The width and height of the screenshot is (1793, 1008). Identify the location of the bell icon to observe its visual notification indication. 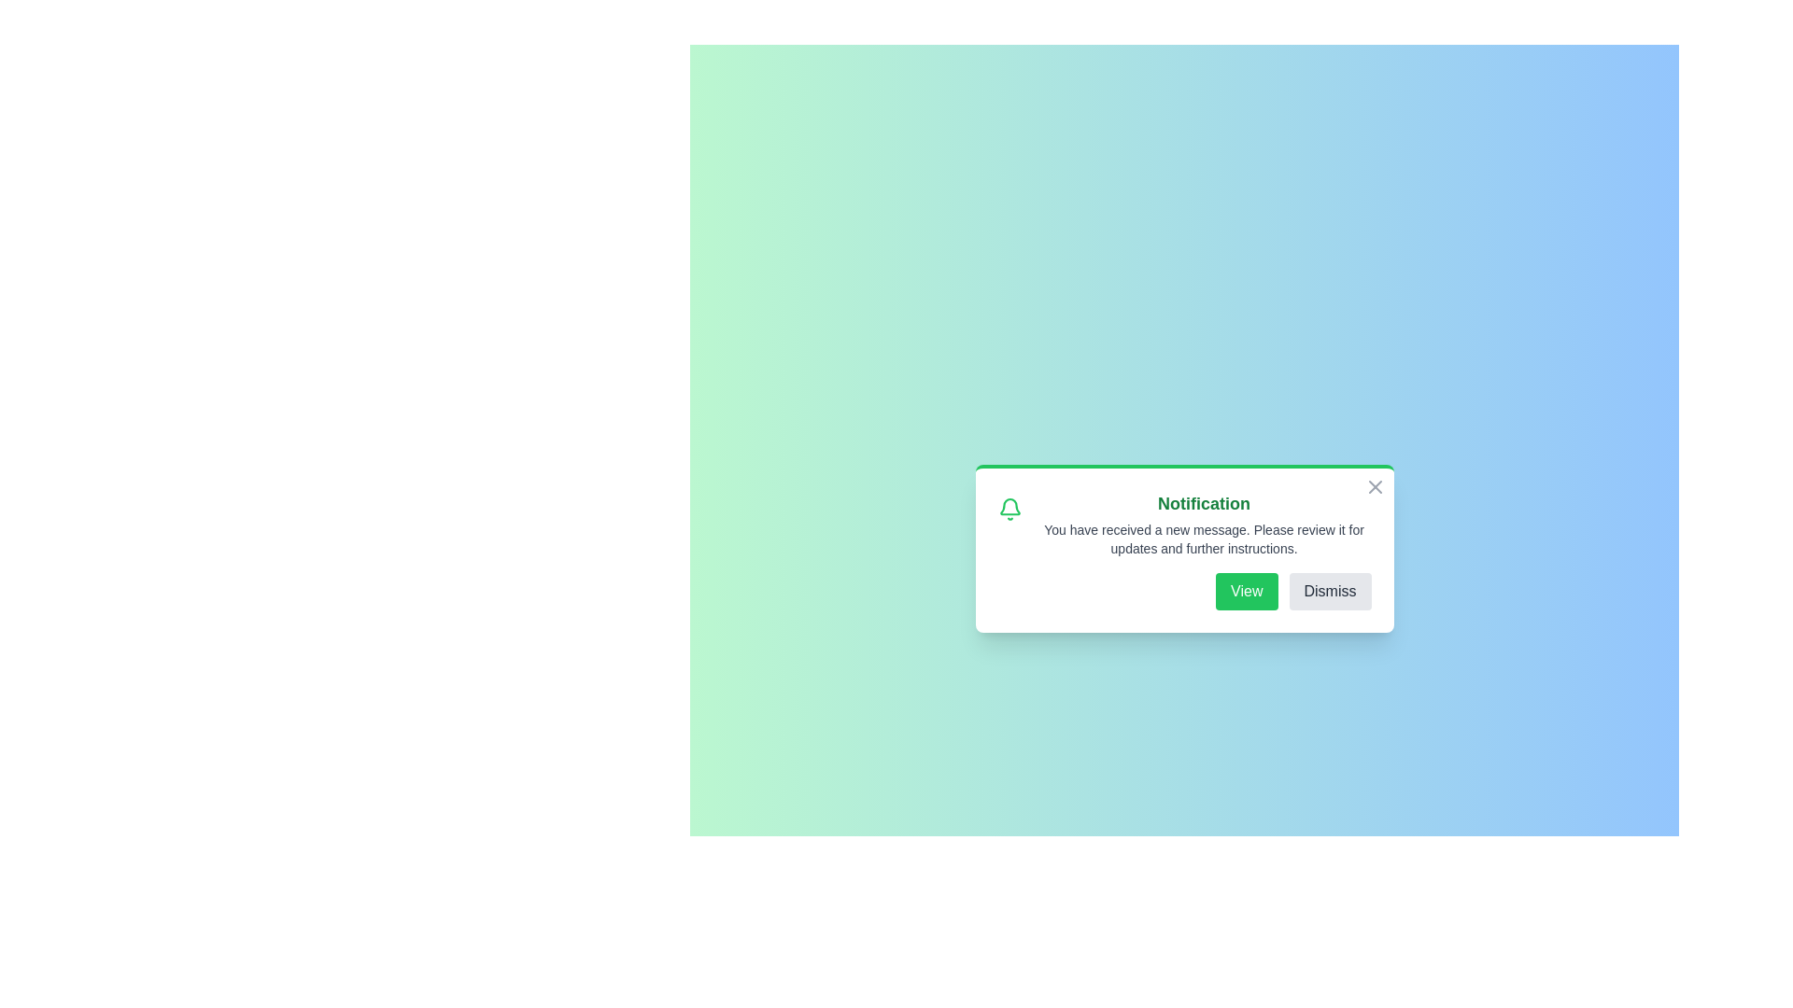
(1009, 510).